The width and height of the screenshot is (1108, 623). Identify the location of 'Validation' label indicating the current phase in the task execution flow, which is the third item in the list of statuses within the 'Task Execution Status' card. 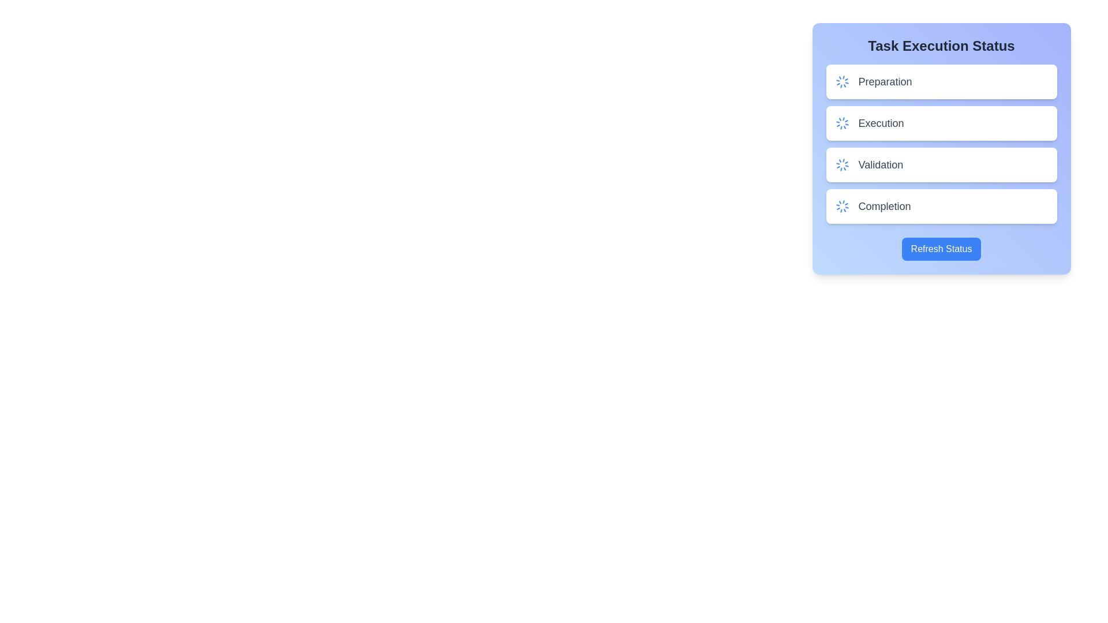
(880, 164).